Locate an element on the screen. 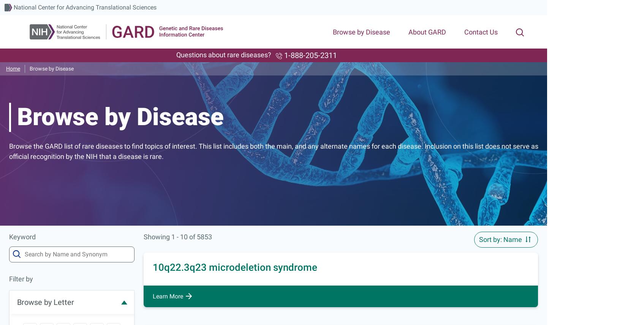 The width and height of the screenshot is (617, 325). 'About GARD' is located at coordinates (408, 31).